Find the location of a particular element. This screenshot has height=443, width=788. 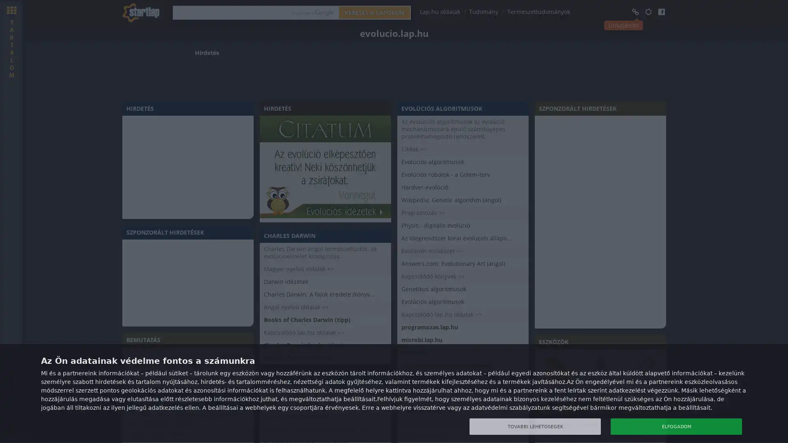

ELFOGADOM is located at coordinates (676, 426).